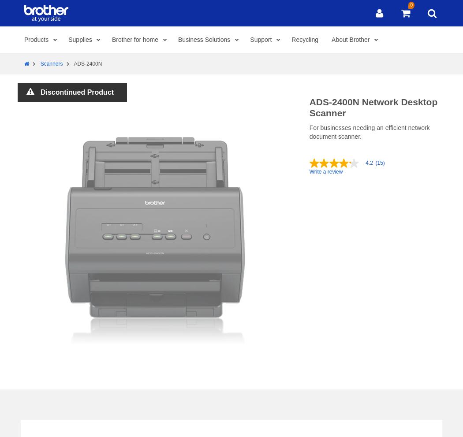 The image size is (463, 437). I want to click on 'Support', so click(128, 14).